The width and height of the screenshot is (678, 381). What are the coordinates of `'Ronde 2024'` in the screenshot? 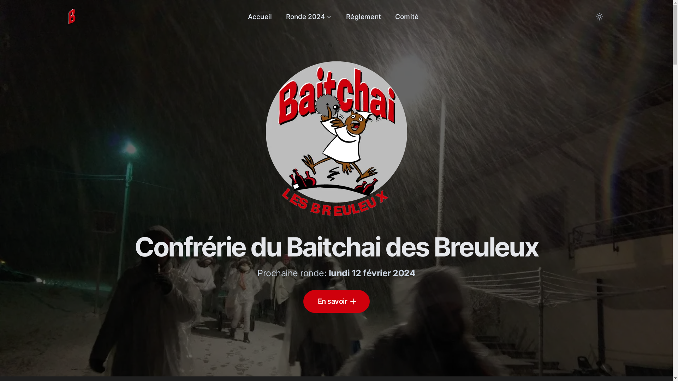 It's located at (309, 16).